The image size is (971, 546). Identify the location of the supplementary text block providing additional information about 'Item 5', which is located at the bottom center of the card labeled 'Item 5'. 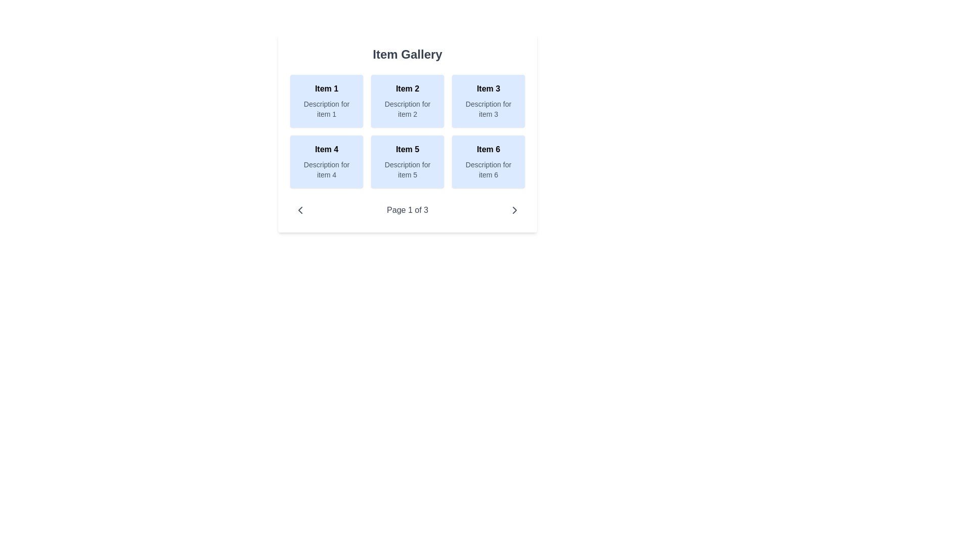
(408, 169).